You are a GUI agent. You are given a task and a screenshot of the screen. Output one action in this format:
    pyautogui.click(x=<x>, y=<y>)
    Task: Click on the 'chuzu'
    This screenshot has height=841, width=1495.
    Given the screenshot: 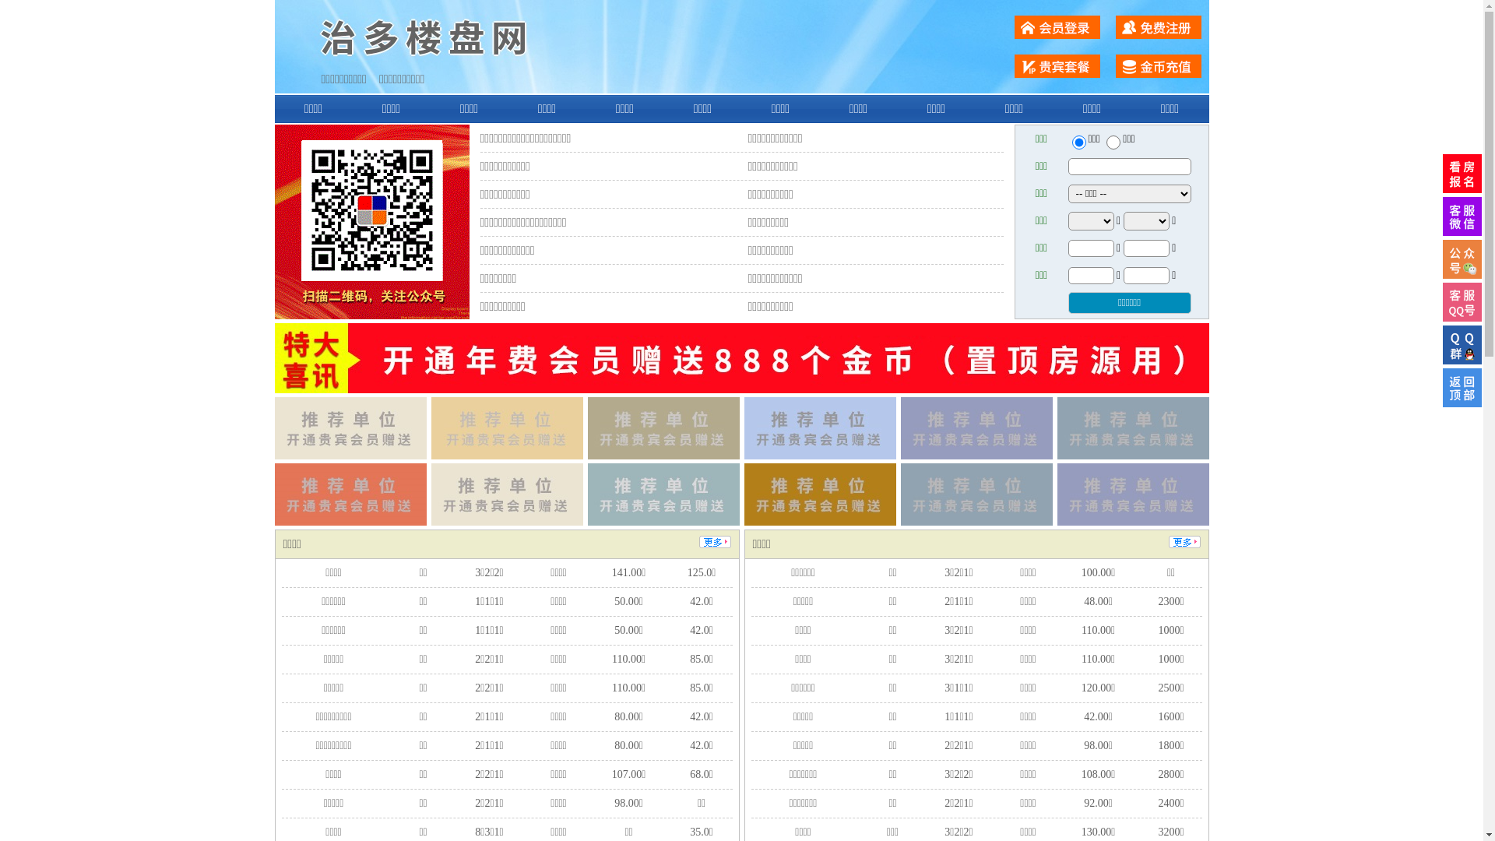 What is the action you would take?
    pyautogui.click(x=1105, y=142)
    